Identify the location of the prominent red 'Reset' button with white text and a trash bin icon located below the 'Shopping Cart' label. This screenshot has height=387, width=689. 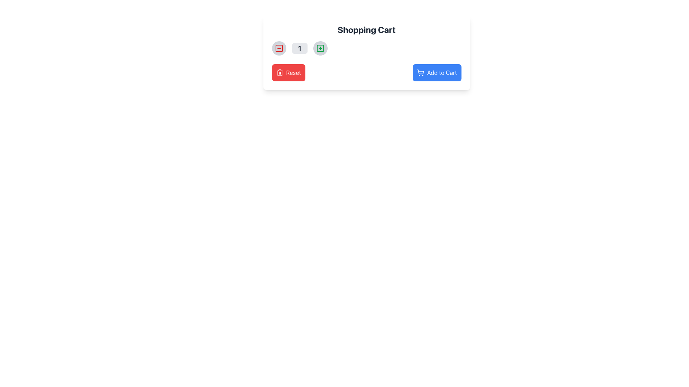
(289, 73).